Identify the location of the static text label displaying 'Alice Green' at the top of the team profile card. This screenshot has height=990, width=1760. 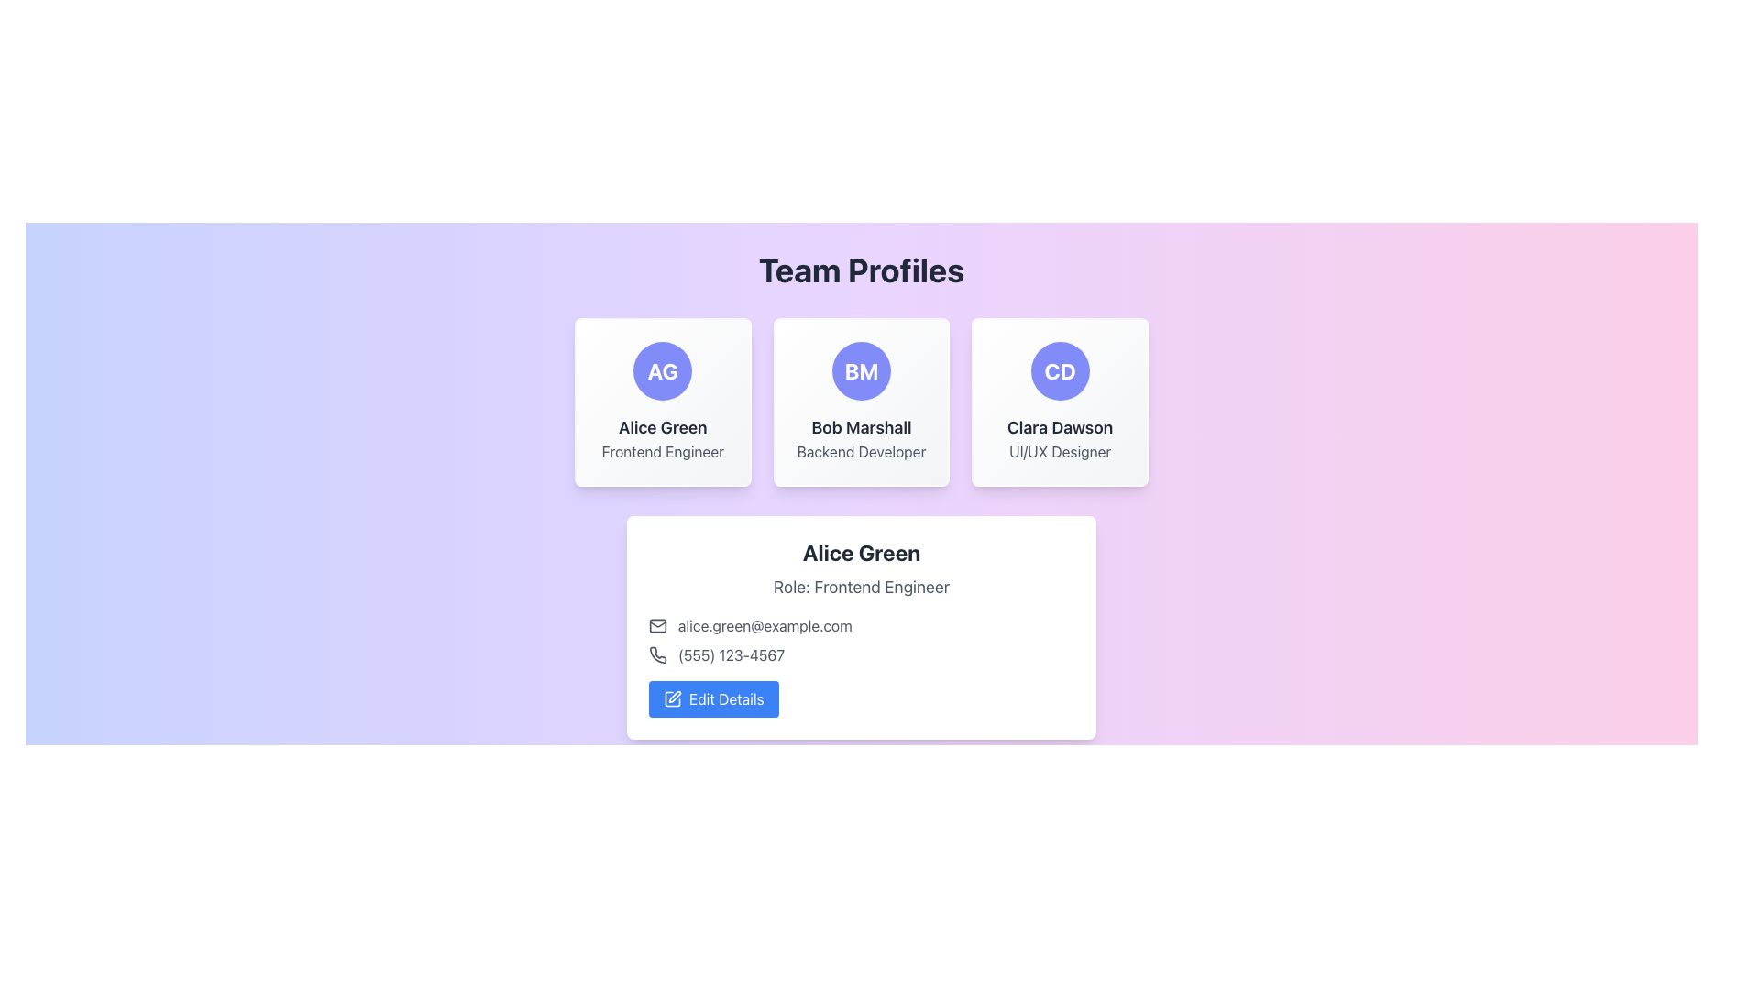
(861, 551).